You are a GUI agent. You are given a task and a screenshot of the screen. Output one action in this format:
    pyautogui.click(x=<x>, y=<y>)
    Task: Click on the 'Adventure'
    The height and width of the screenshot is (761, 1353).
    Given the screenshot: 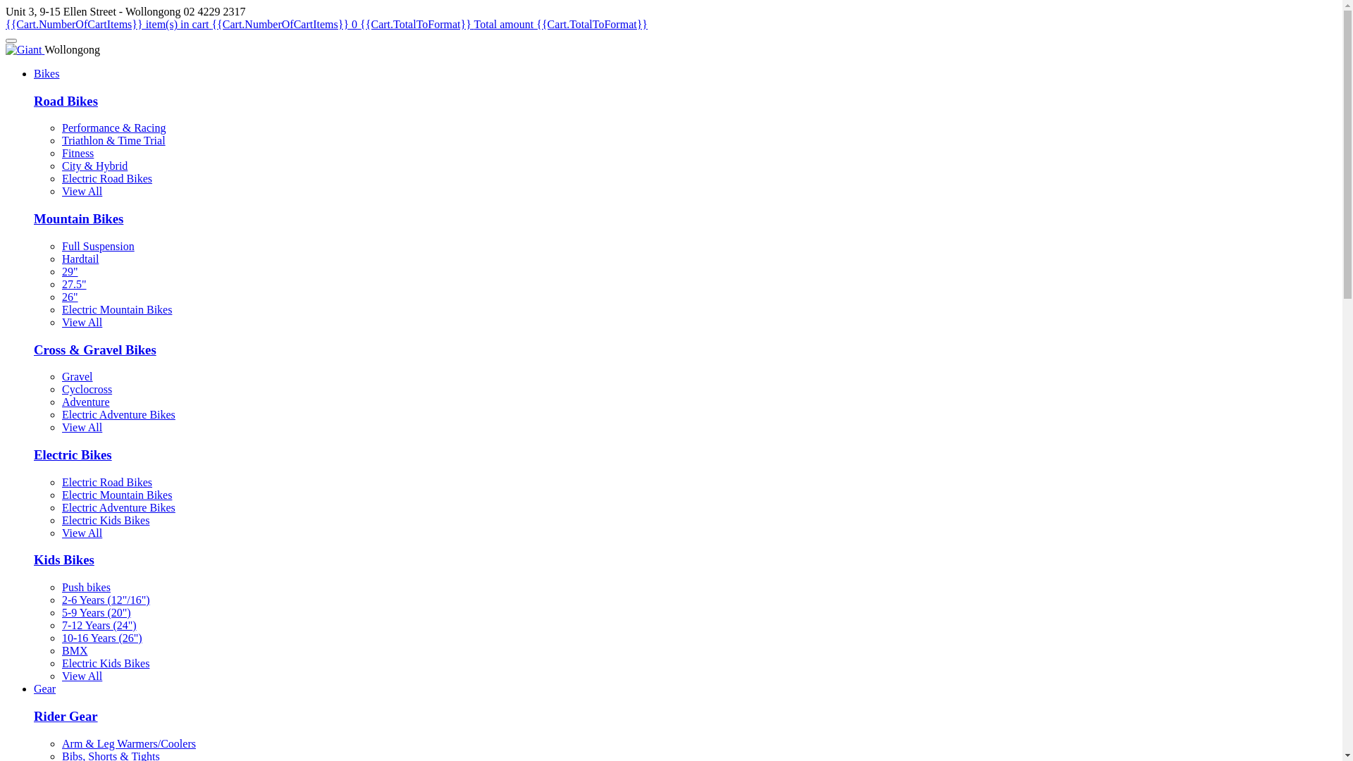 What is the action you would take?
    pyautogui.click(x=61, y=402)
    